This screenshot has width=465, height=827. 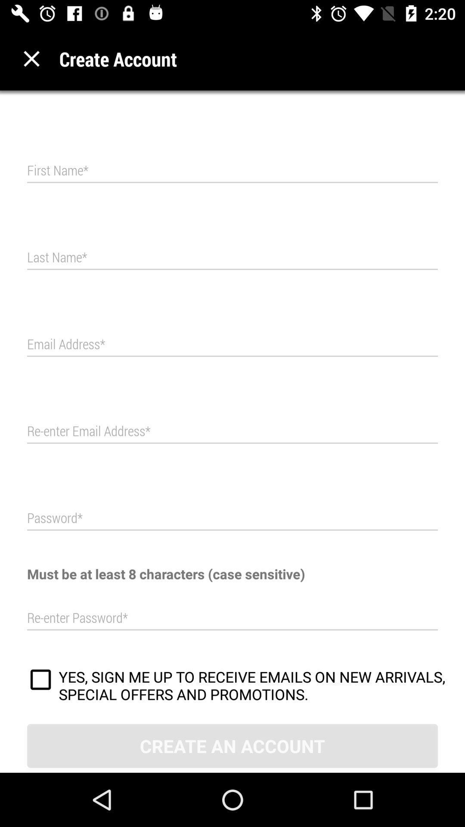 What do you see at coordinates (31, 58) in the screenshot?
I see `cross symbol beside  create account` at bounding box center [31, 58].